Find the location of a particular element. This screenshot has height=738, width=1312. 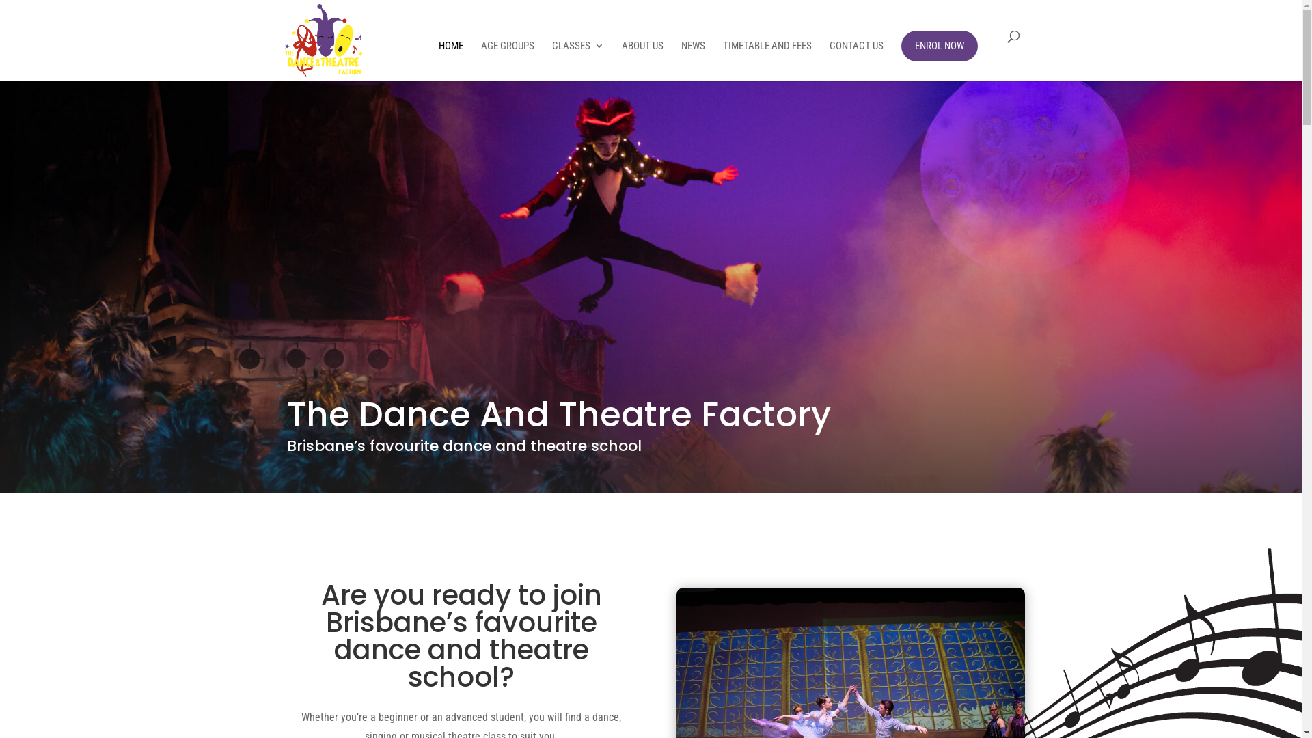

'AGE GROUPS' is located at coordinates (507, 60).